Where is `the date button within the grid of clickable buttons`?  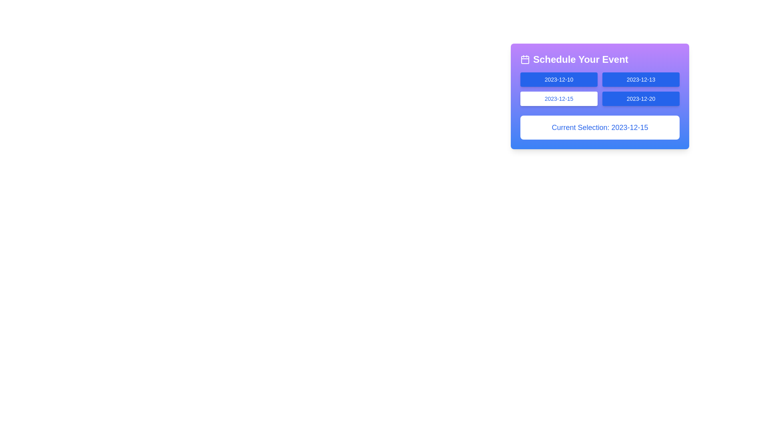
the date button within the grid of clickable buttons is located at coordinates (600, 89).